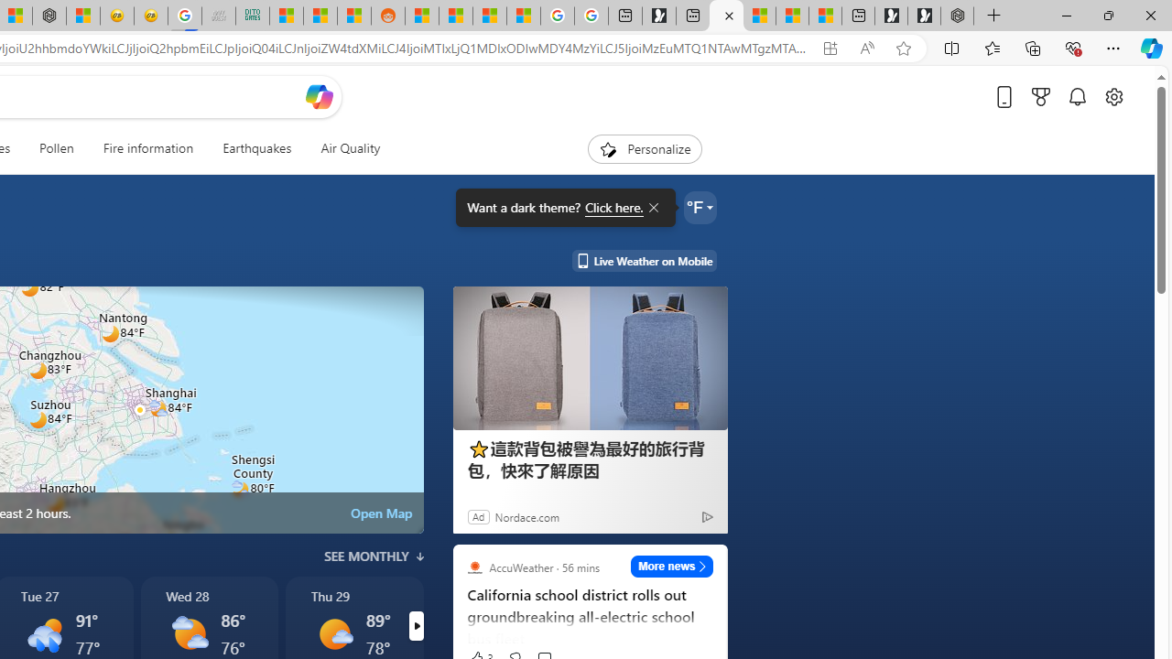 The image size is (1172, 659). Describe the element at coordinates (829, 48) in the screenshot. I see `'App available. Install Microsoft Start Weather'` at that location.